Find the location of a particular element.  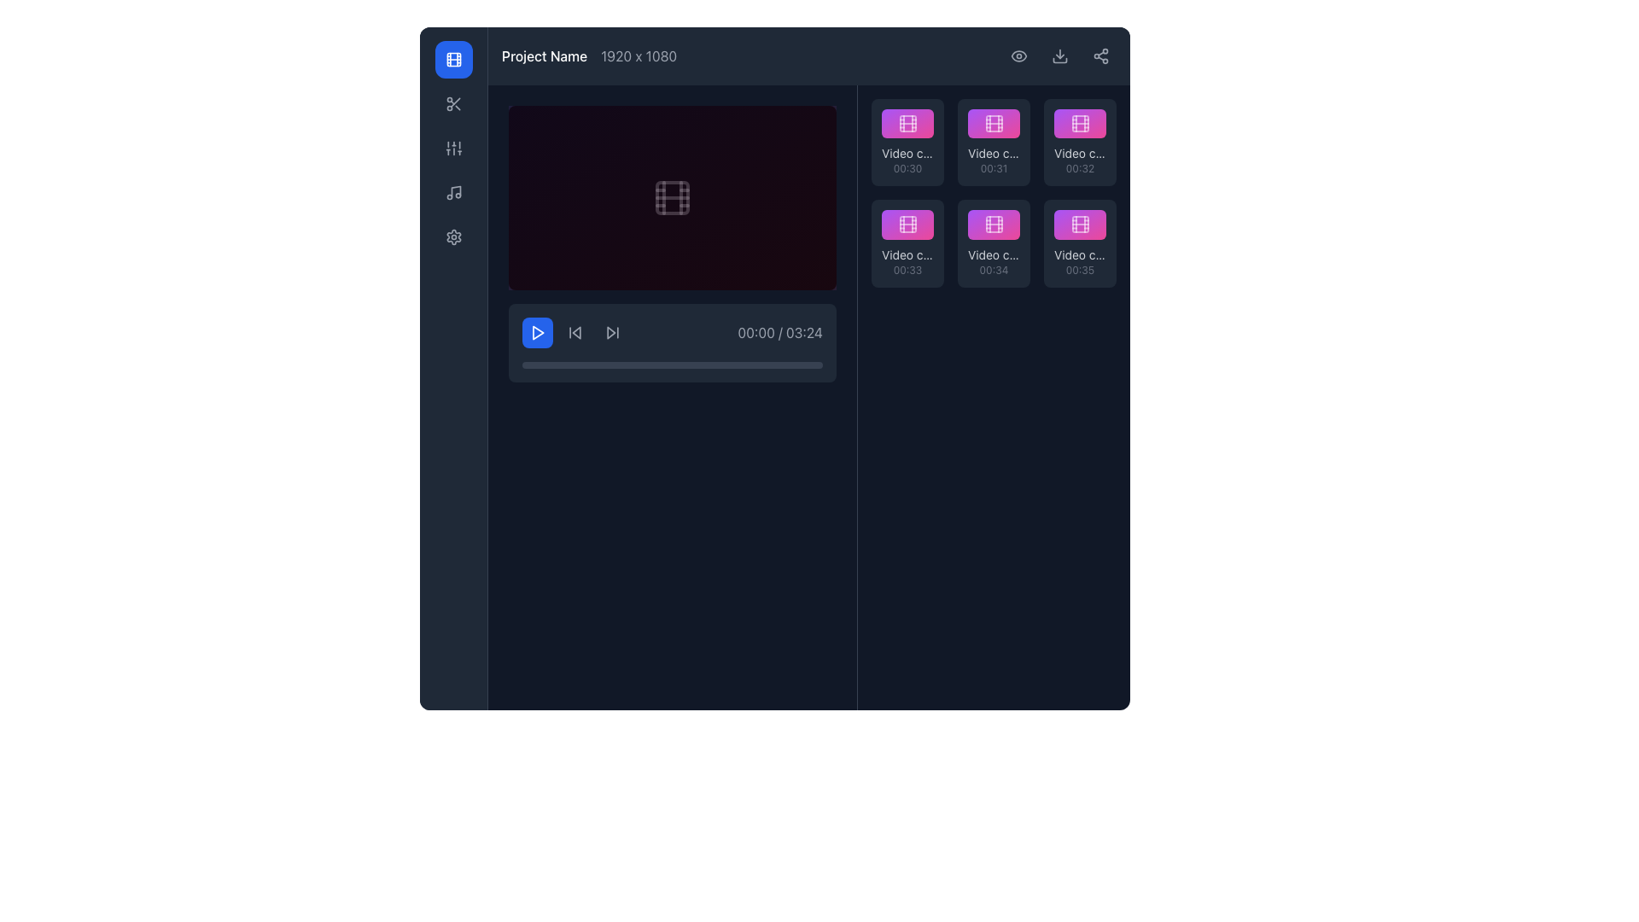

the image placeholder with an embedded video icon located at the top-left corner of the grid layout in the right column is located at coordinates (907, 123).